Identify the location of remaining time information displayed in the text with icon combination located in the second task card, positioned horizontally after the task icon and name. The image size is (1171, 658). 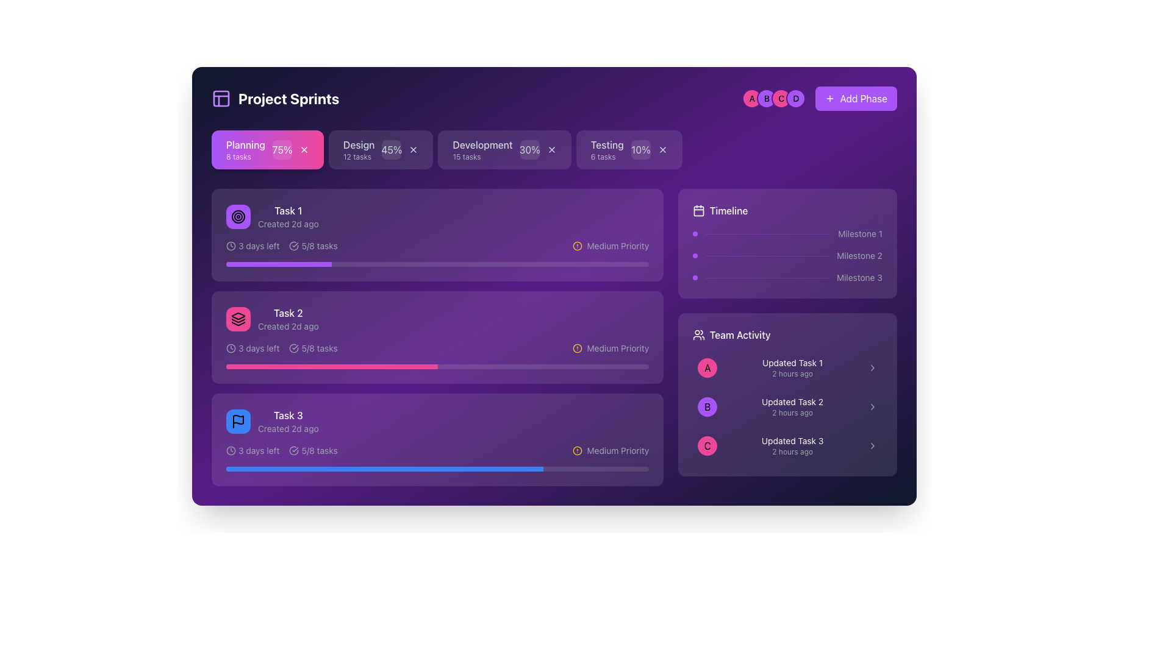
(252, 348).